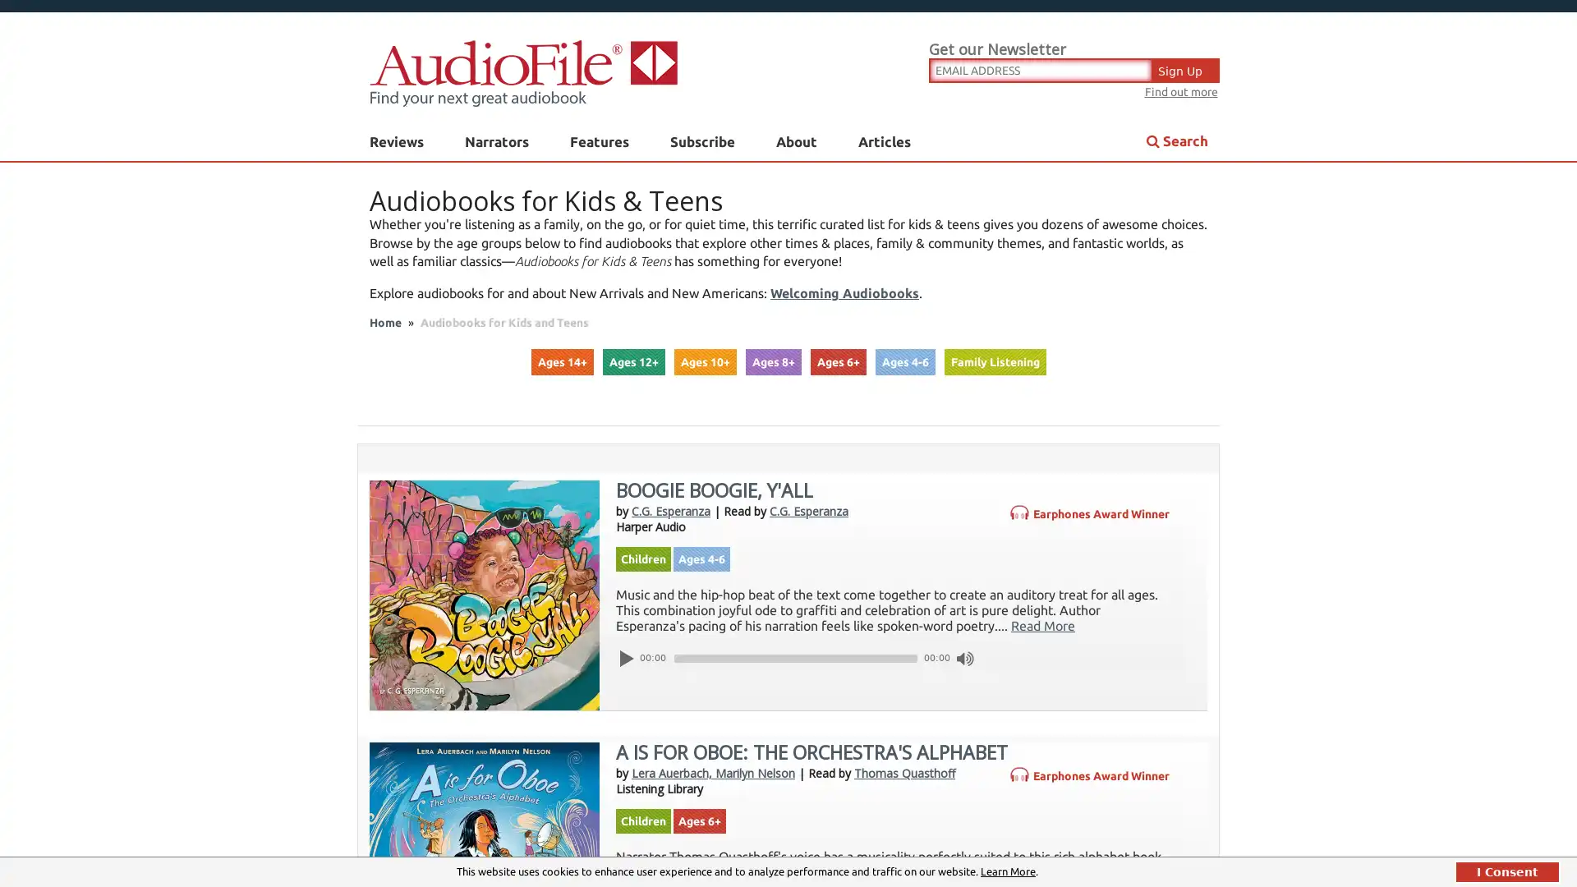  Describe the element at coordinates (965, 658) in the screenshot. I see `Mute Toggle` at that location.